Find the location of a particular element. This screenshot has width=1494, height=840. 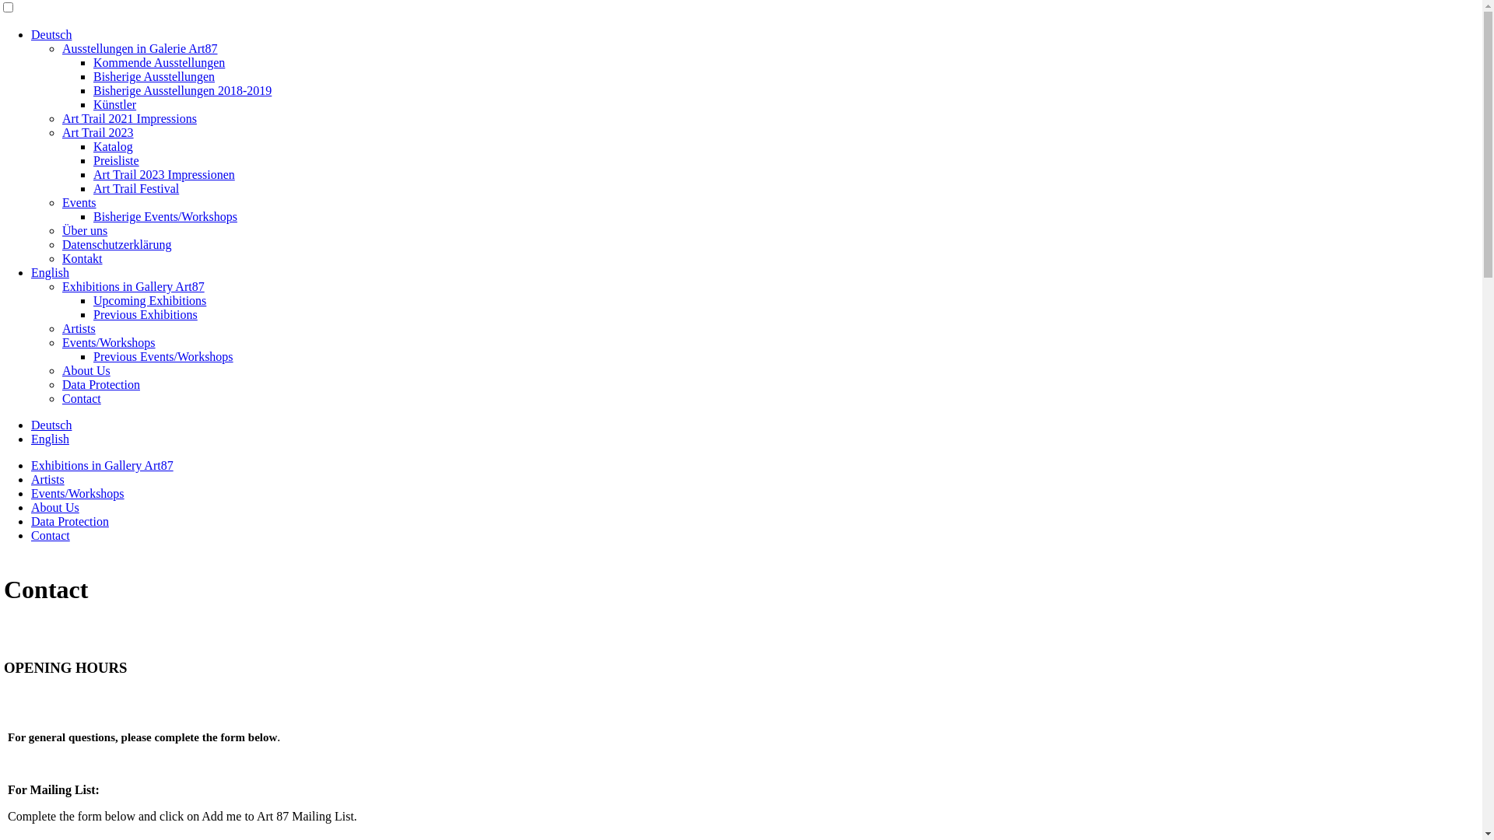

'Previous Exhibitions' is located at coordinates (93, 314).